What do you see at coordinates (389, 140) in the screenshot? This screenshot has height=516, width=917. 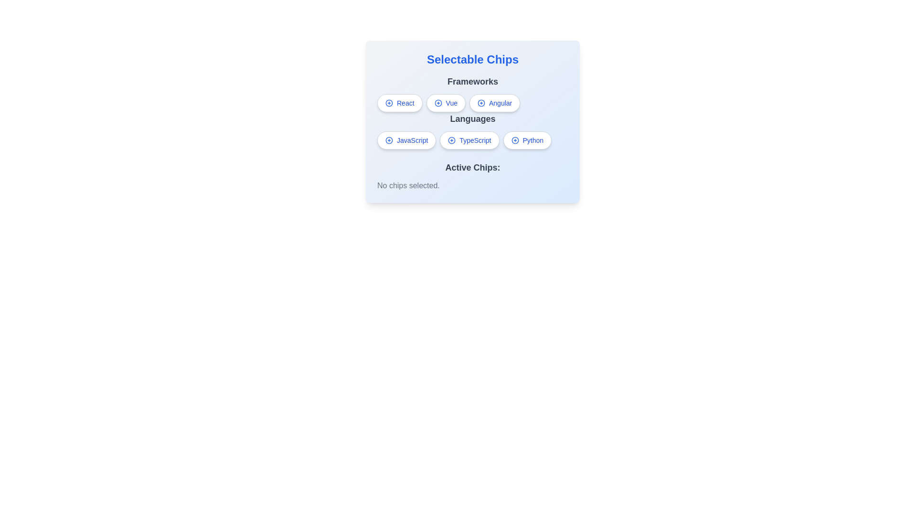 I see `the interactive icon associated with the 'JavaScript' chip located on the left side of the text 'JavaScript' in the 'Languages' section under the 'Selectable Chips' UI panel` at bounding box center [389, 140].